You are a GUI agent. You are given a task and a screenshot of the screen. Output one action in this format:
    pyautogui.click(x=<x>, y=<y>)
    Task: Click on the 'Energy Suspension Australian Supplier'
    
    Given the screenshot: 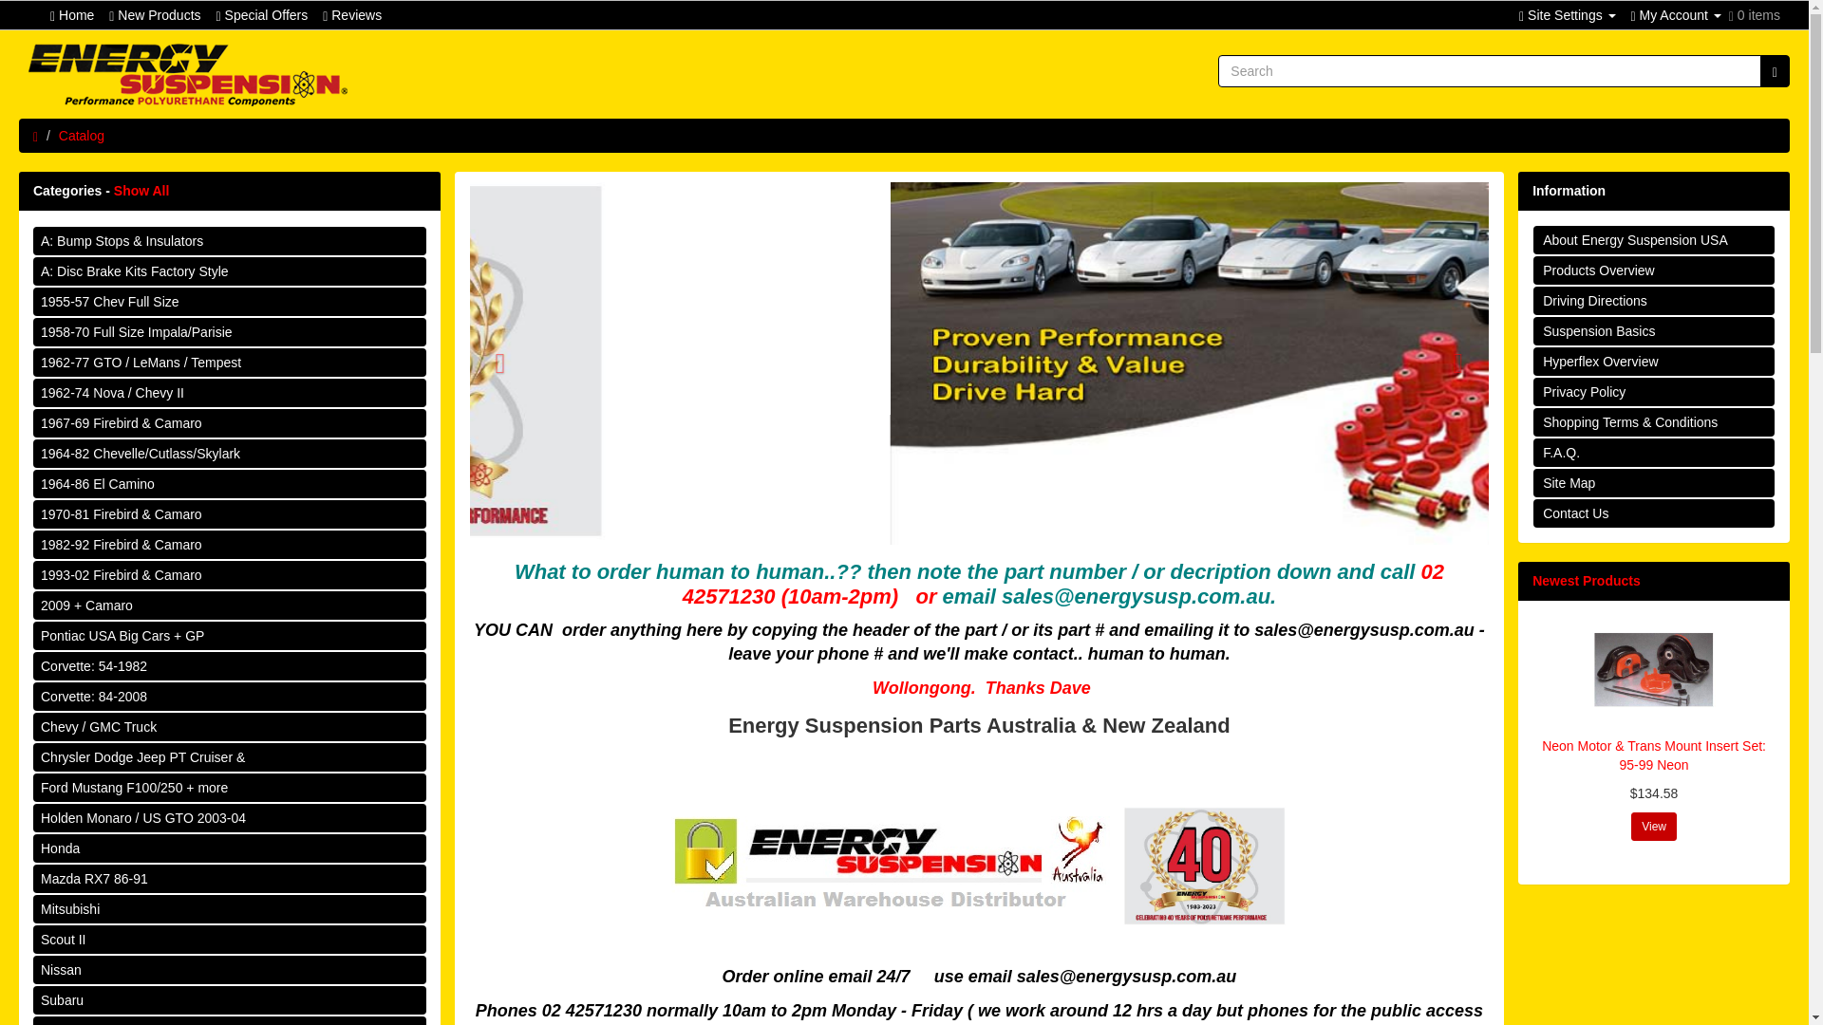 What is the action you would take?
    pyautogui.click(x=187, y=73)
    